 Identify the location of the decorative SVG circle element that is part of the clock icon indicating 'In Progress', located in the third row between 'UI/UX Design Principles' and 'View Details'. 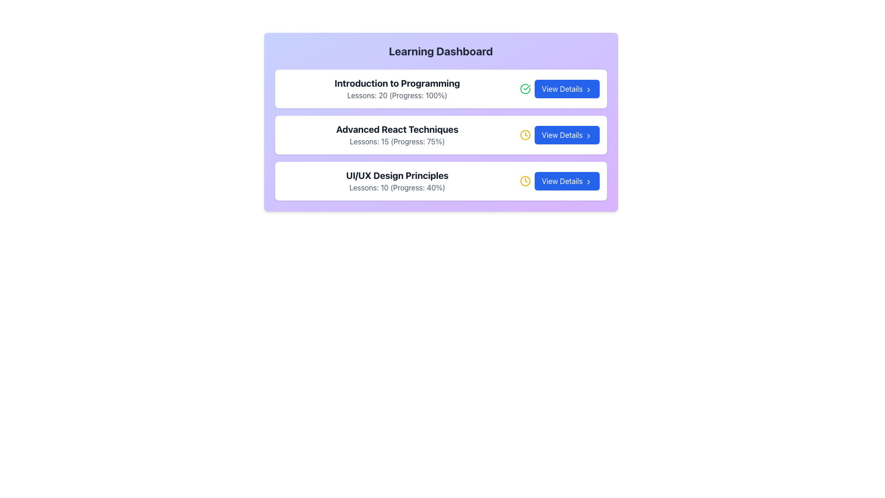
(525, 135).